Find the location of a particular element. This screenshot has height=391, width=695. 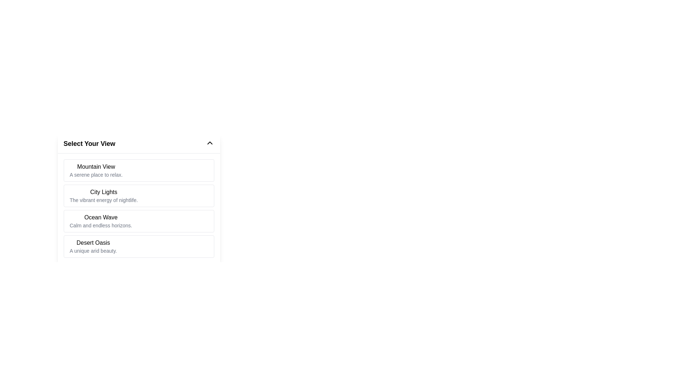

the second text label in the vertical list that serves as the title or main identifier of a selectable list item, positioned between 'Select Your View' and 'The vibrant energy of nightlife.' is located at coordinates (103, 192).